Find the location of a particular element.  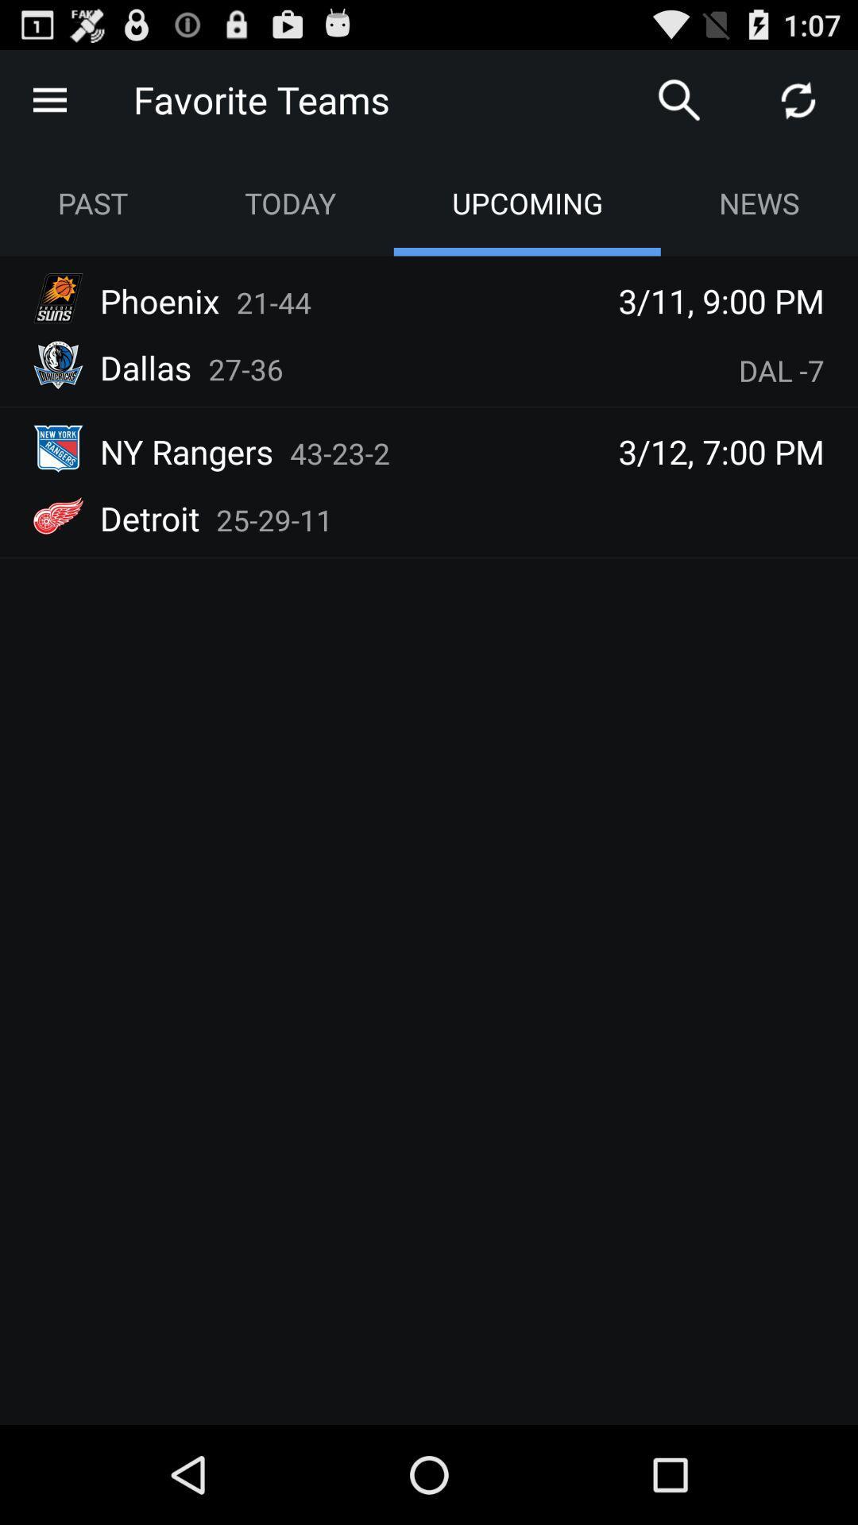

the app below the phoenix icon is located at coordinates (145, 366).